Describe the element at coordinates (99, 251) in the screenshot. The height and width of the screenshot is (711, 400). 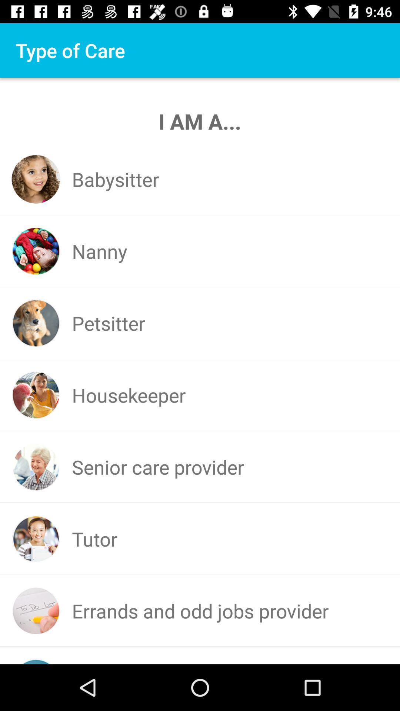
I see `the item above the petsitter item` at that location.